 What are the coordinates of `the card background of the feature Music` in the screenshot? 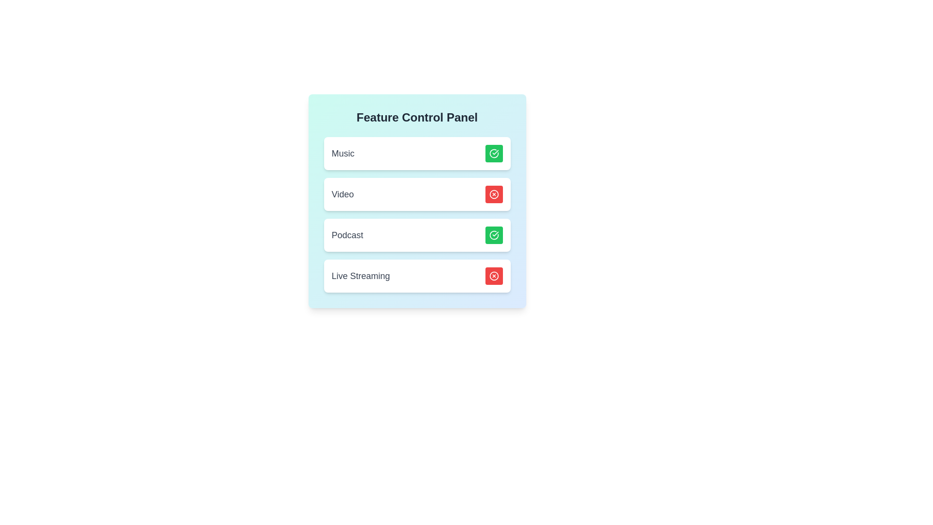 It's located at (417, 153).